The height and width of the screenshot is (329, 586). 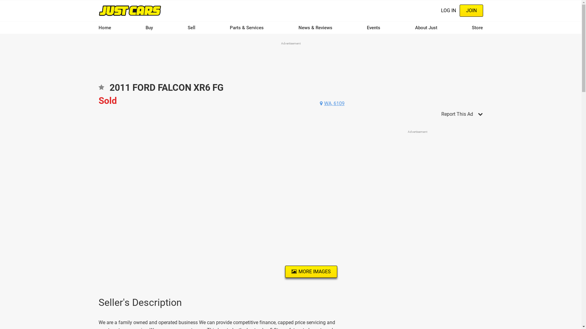 What do you see at coordinates (0, 0) in the screenshot?
I see `'Skip to main content'` at bounding box center [0, 0].